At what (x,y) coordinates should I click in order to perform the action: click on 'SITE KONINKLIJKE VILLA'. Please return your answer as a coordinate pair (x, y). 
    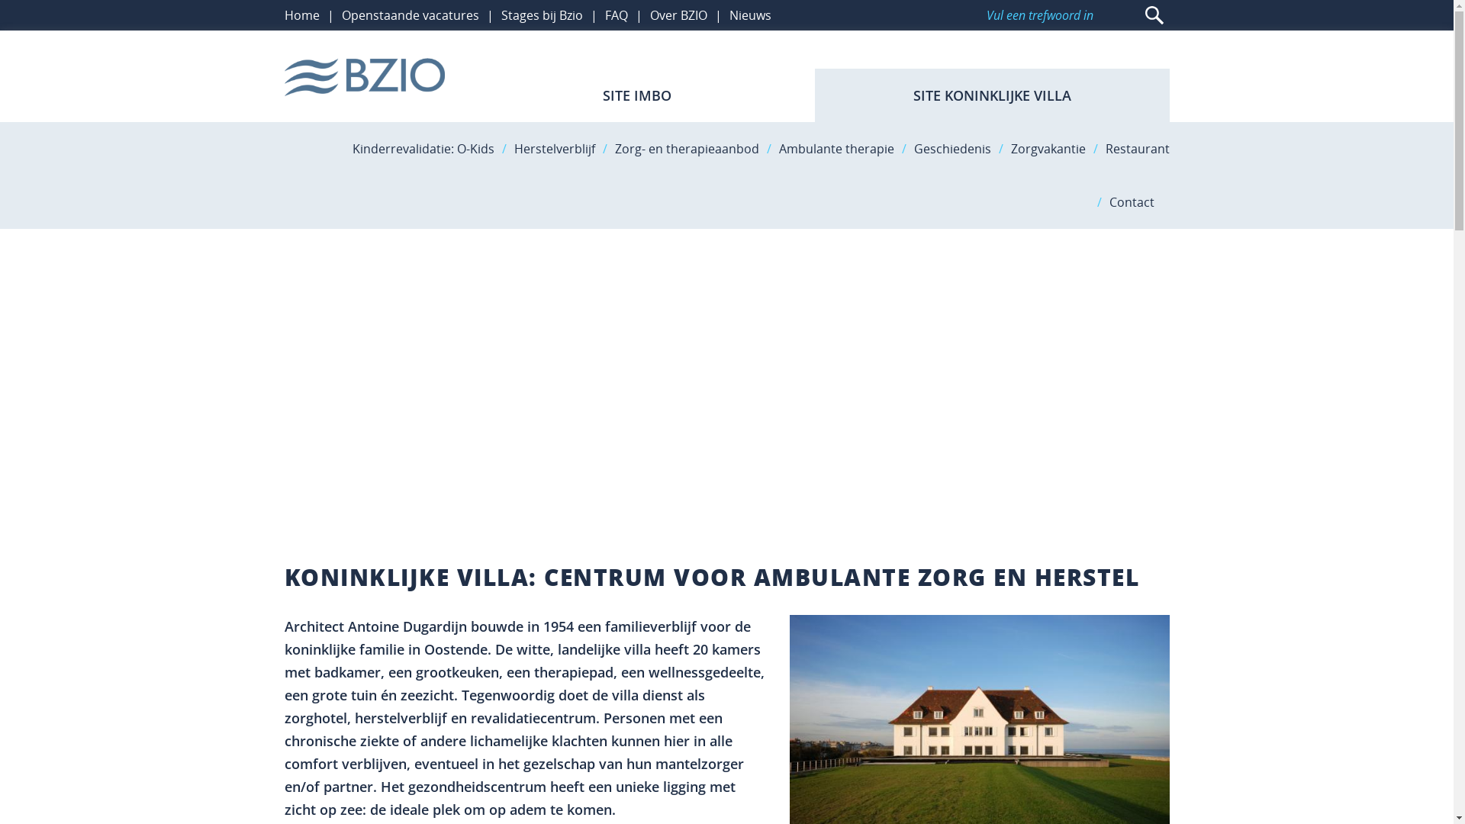
    Looking at the image, I should click on (992, 95).